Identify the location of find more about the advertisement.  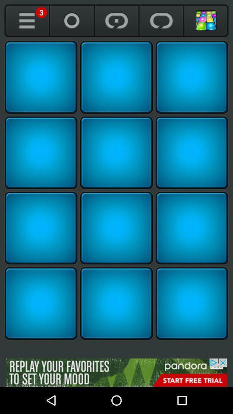
(116, 372).